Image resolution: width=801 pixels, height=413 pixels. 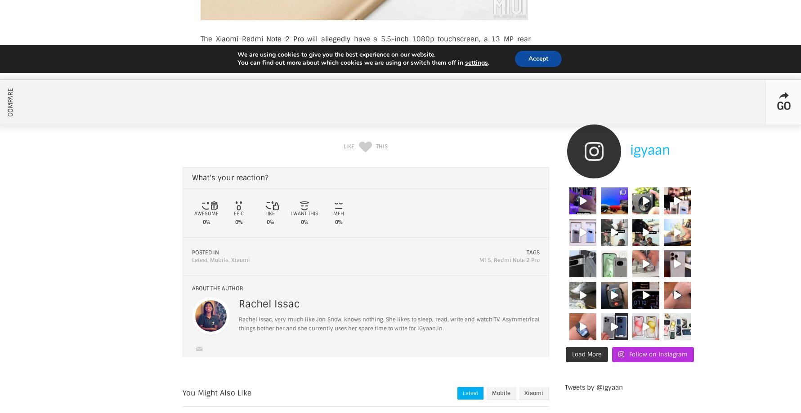 I want to click on 'like', so click(x=348, y=146).